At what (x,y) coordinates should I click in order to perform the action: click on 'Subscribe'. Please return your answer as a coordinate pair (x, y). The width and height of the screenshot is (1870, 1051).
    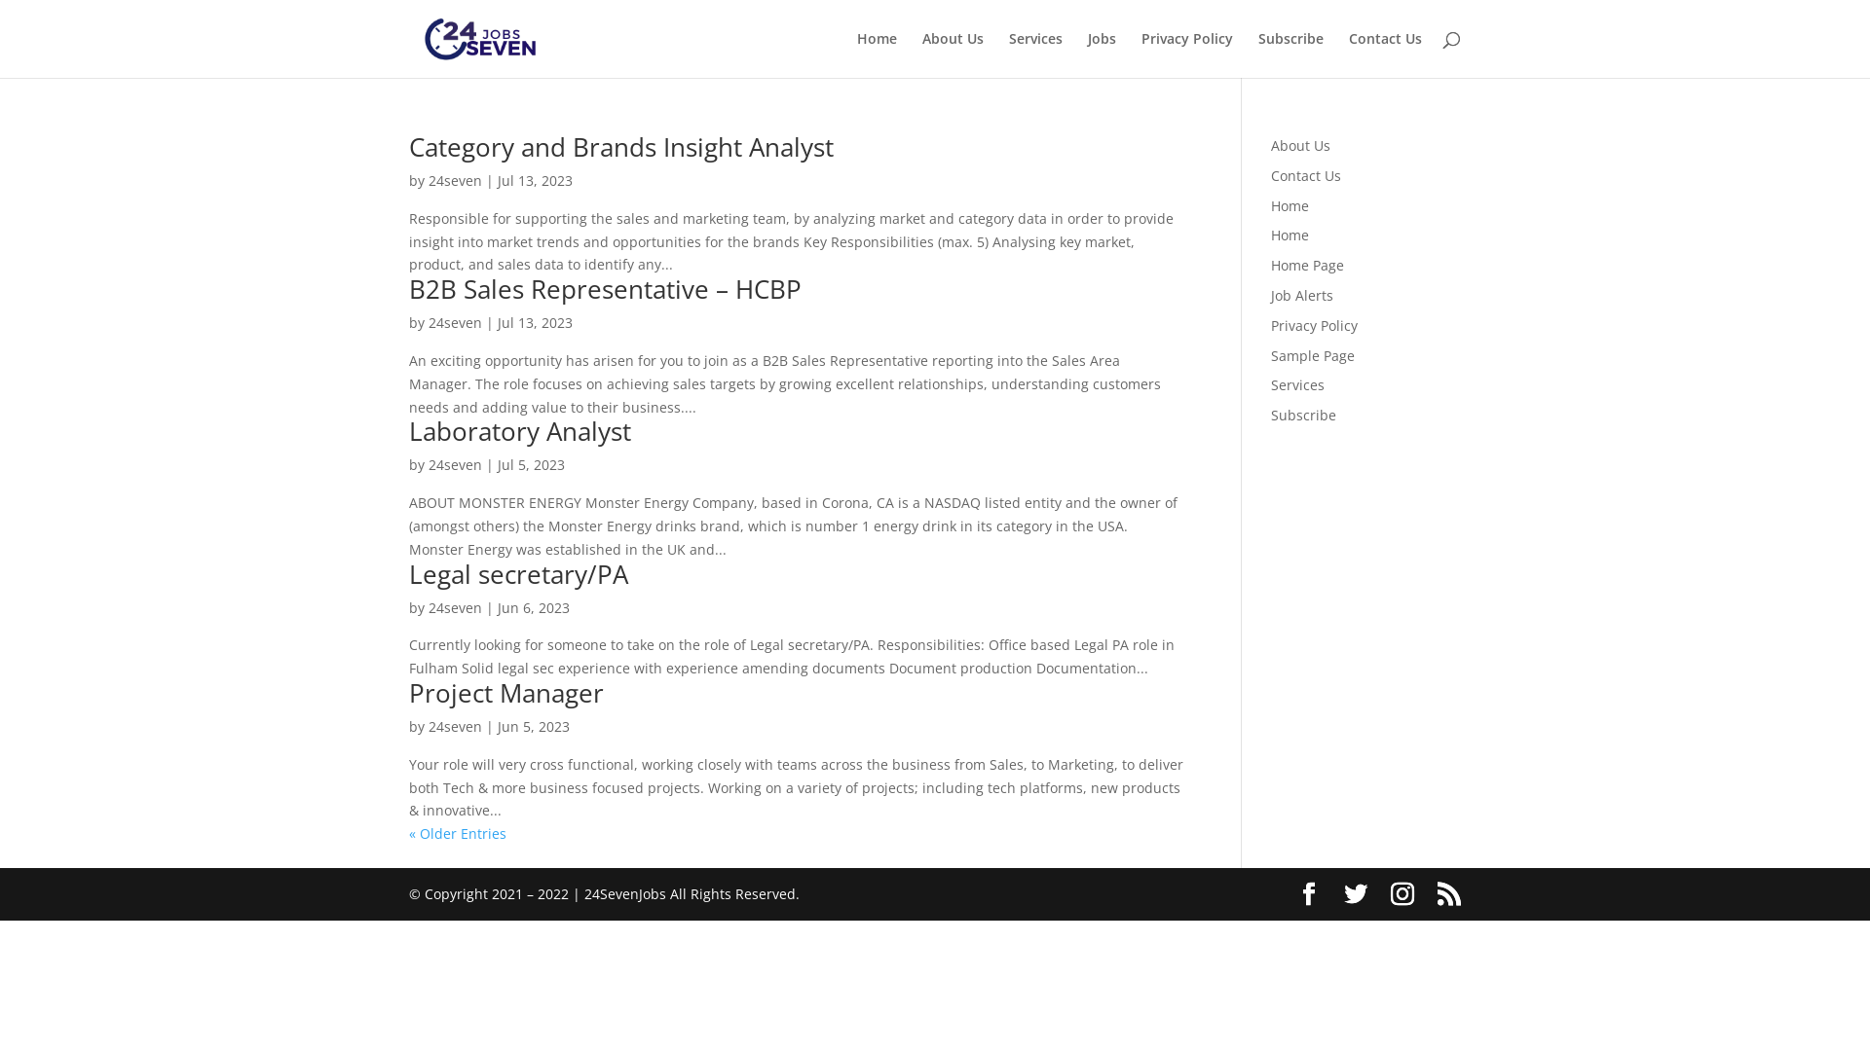
    Looking at the image, I should click on (1290, 54).